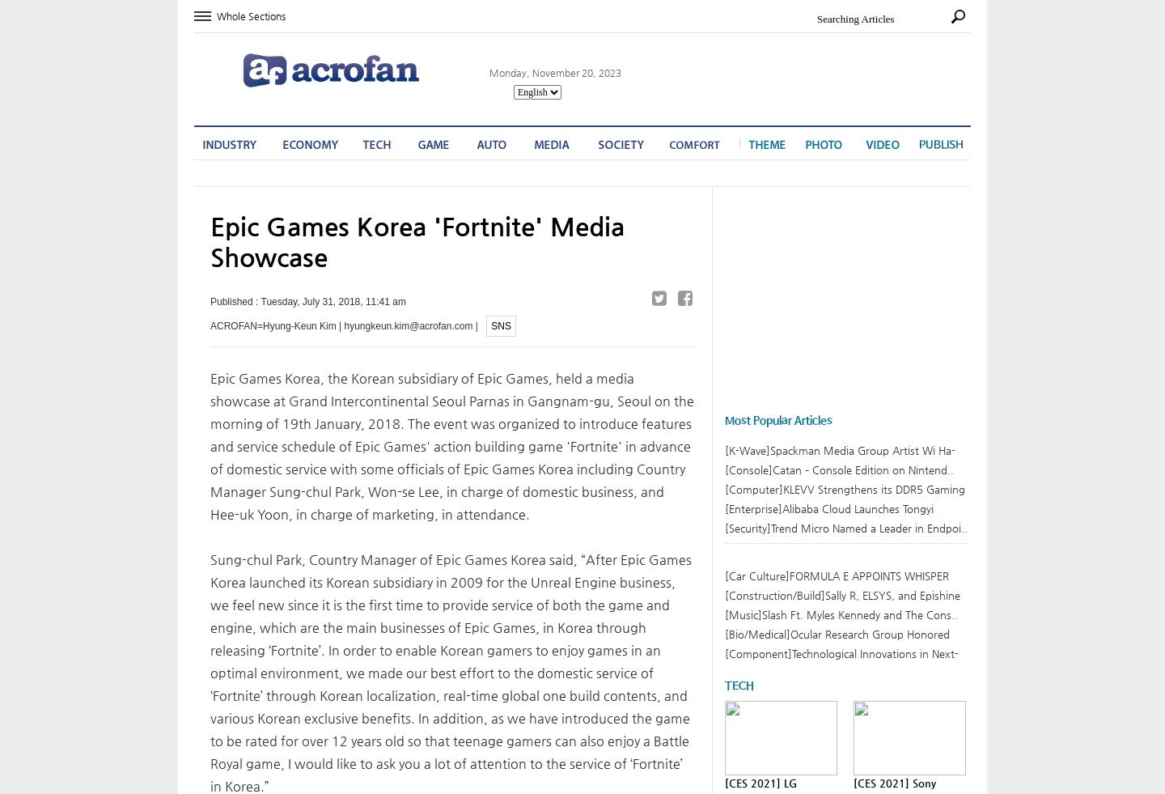 The width and height of the screenshot is (1165, 794). I want to click on 'Published : Tuesday, July 31, 2018, 11:41 am', so click(307, 299).